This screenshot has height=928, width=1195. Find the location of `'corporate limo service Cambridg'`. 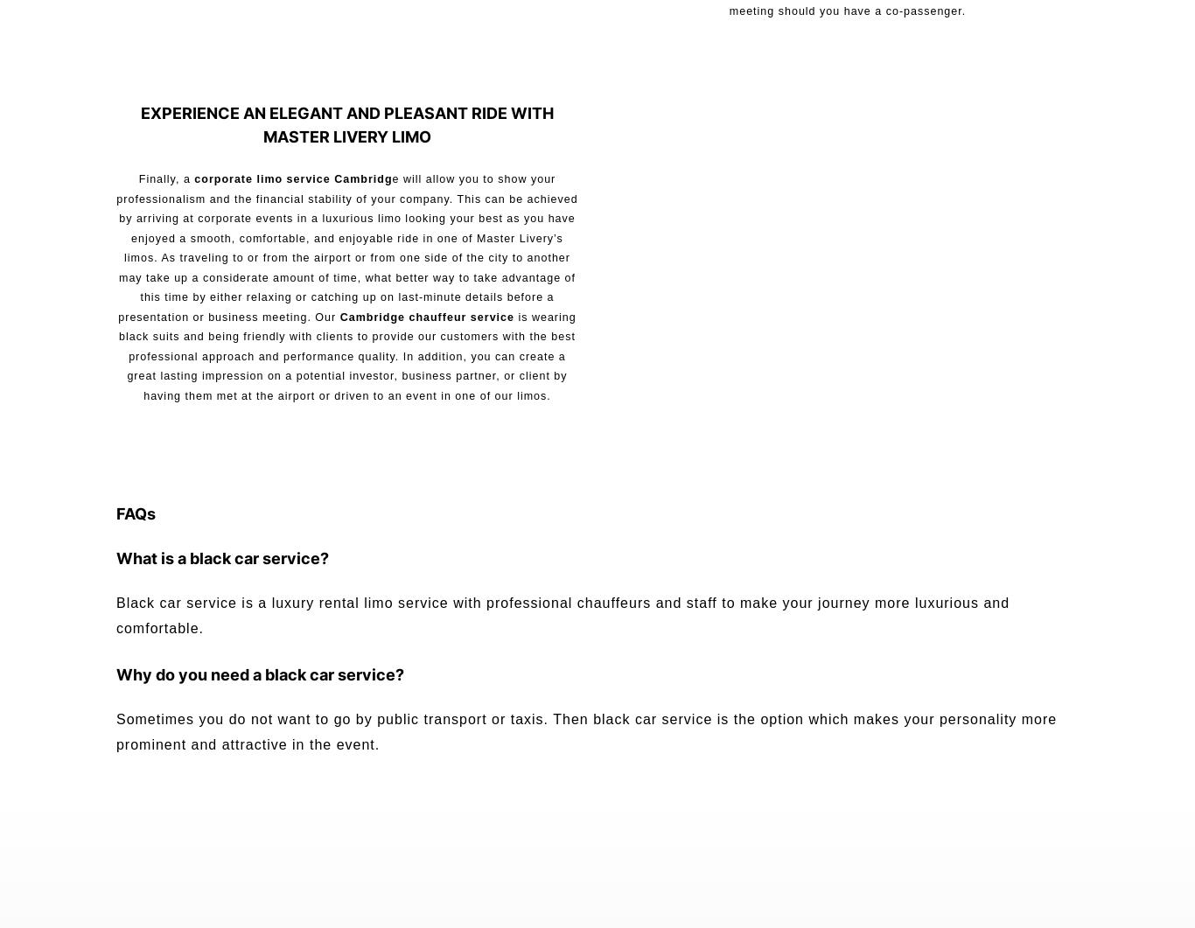

'corporate limo service Cambridg' is located at coordinates (290, 178).